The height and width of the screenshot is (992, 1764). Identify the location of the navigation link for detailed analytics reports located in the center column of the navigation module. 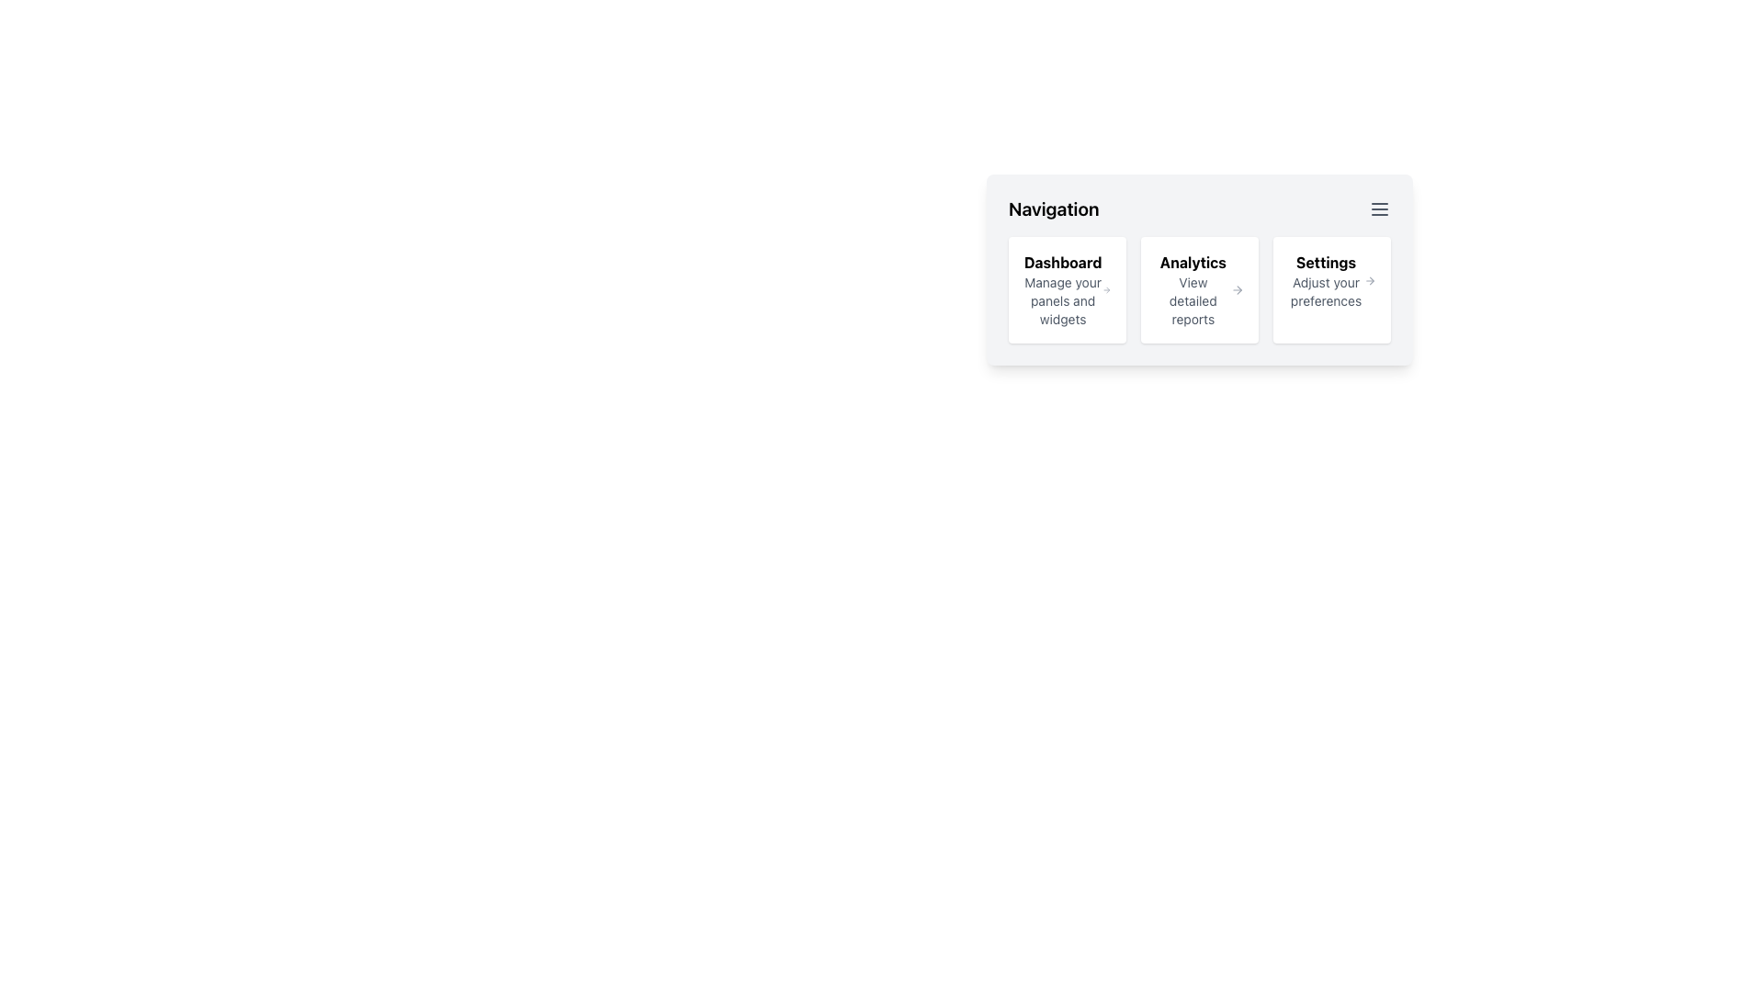
(1199, 289).